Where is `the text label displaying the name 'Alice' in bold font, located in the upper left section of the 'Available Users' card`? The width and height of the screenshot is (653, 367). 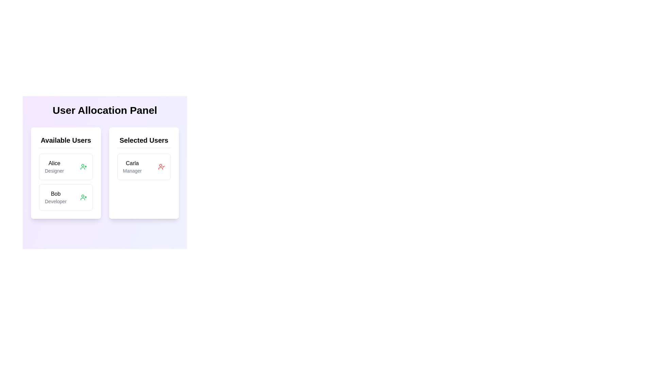 the text label displaying the name 'Alice' in bold font, located in the upper left section of the 'Available Users' card is located at coordinates (54, 163).